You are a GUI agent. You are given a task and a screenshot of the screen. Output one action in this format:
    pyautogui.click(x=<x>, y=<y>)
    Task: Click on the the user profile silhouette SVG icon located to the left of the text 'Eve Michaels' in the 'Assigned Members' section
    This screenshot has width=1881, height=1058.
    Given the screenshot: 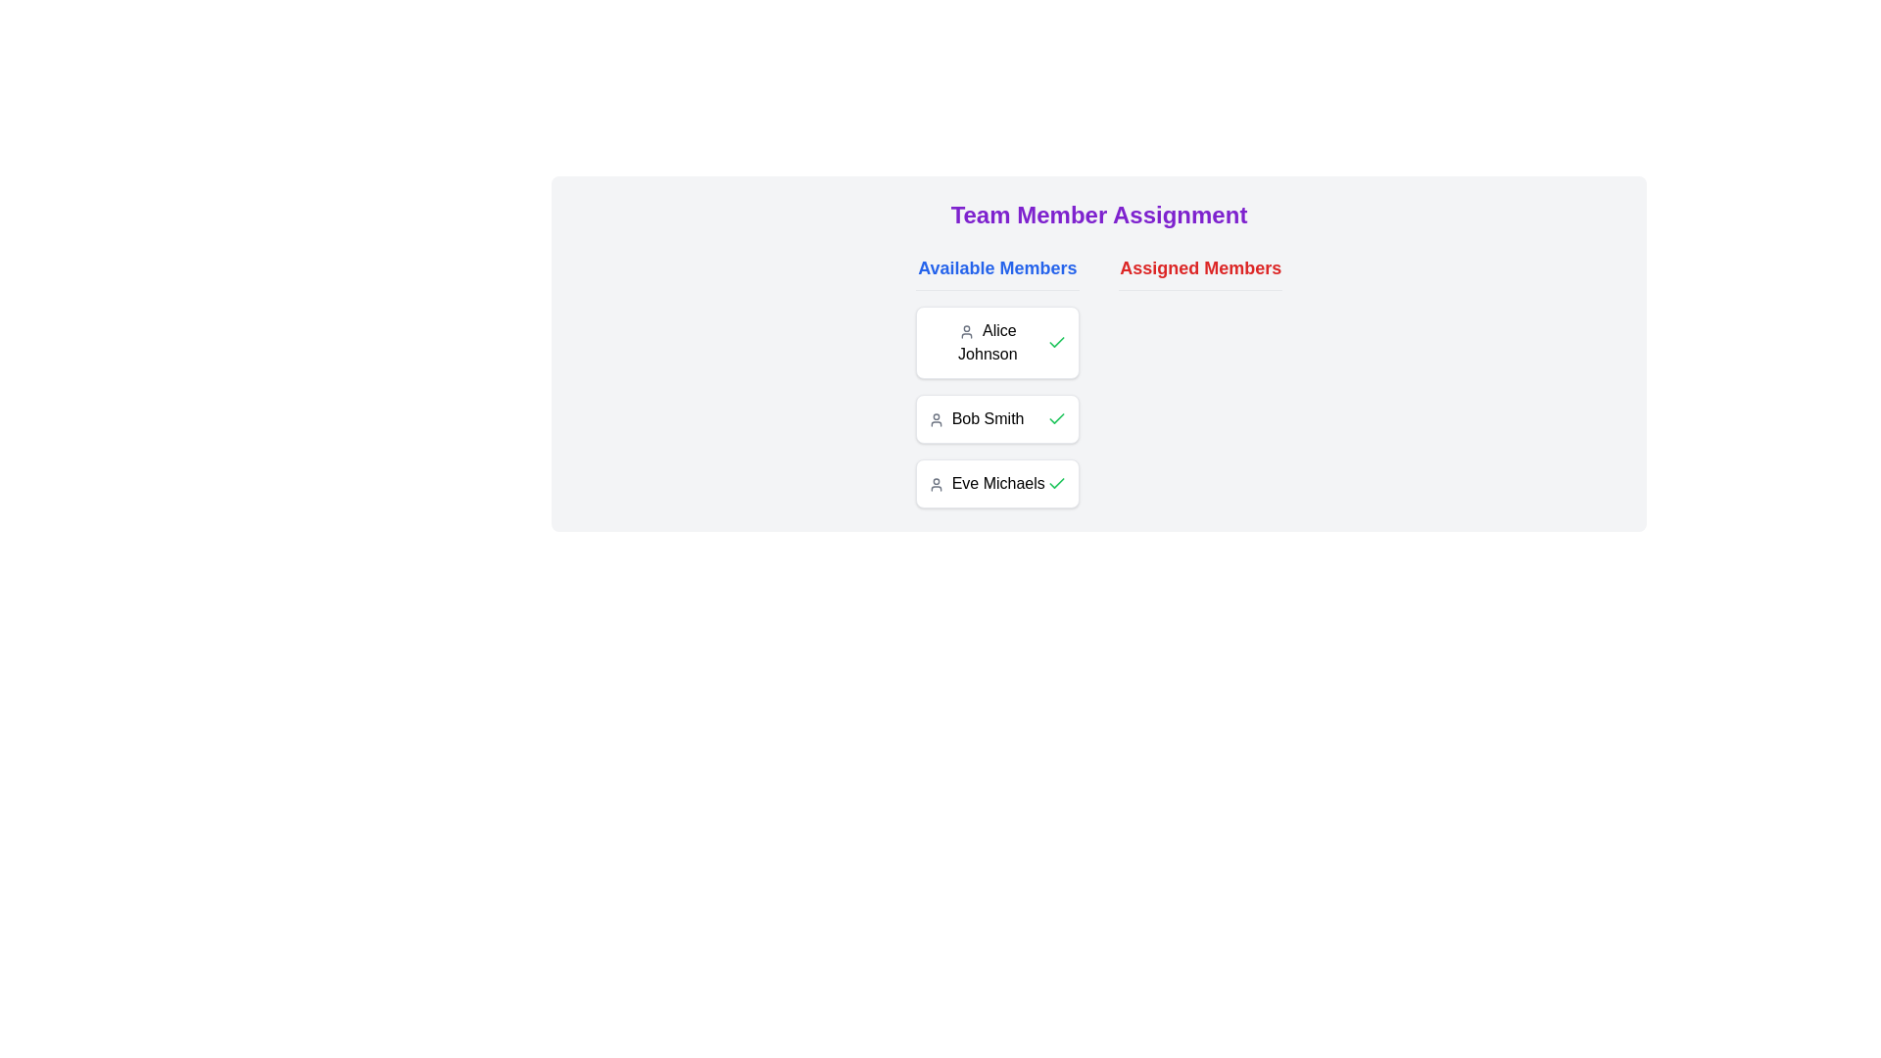 What is the action you would take?
    pyautogui.click(x=935, y=484)
    